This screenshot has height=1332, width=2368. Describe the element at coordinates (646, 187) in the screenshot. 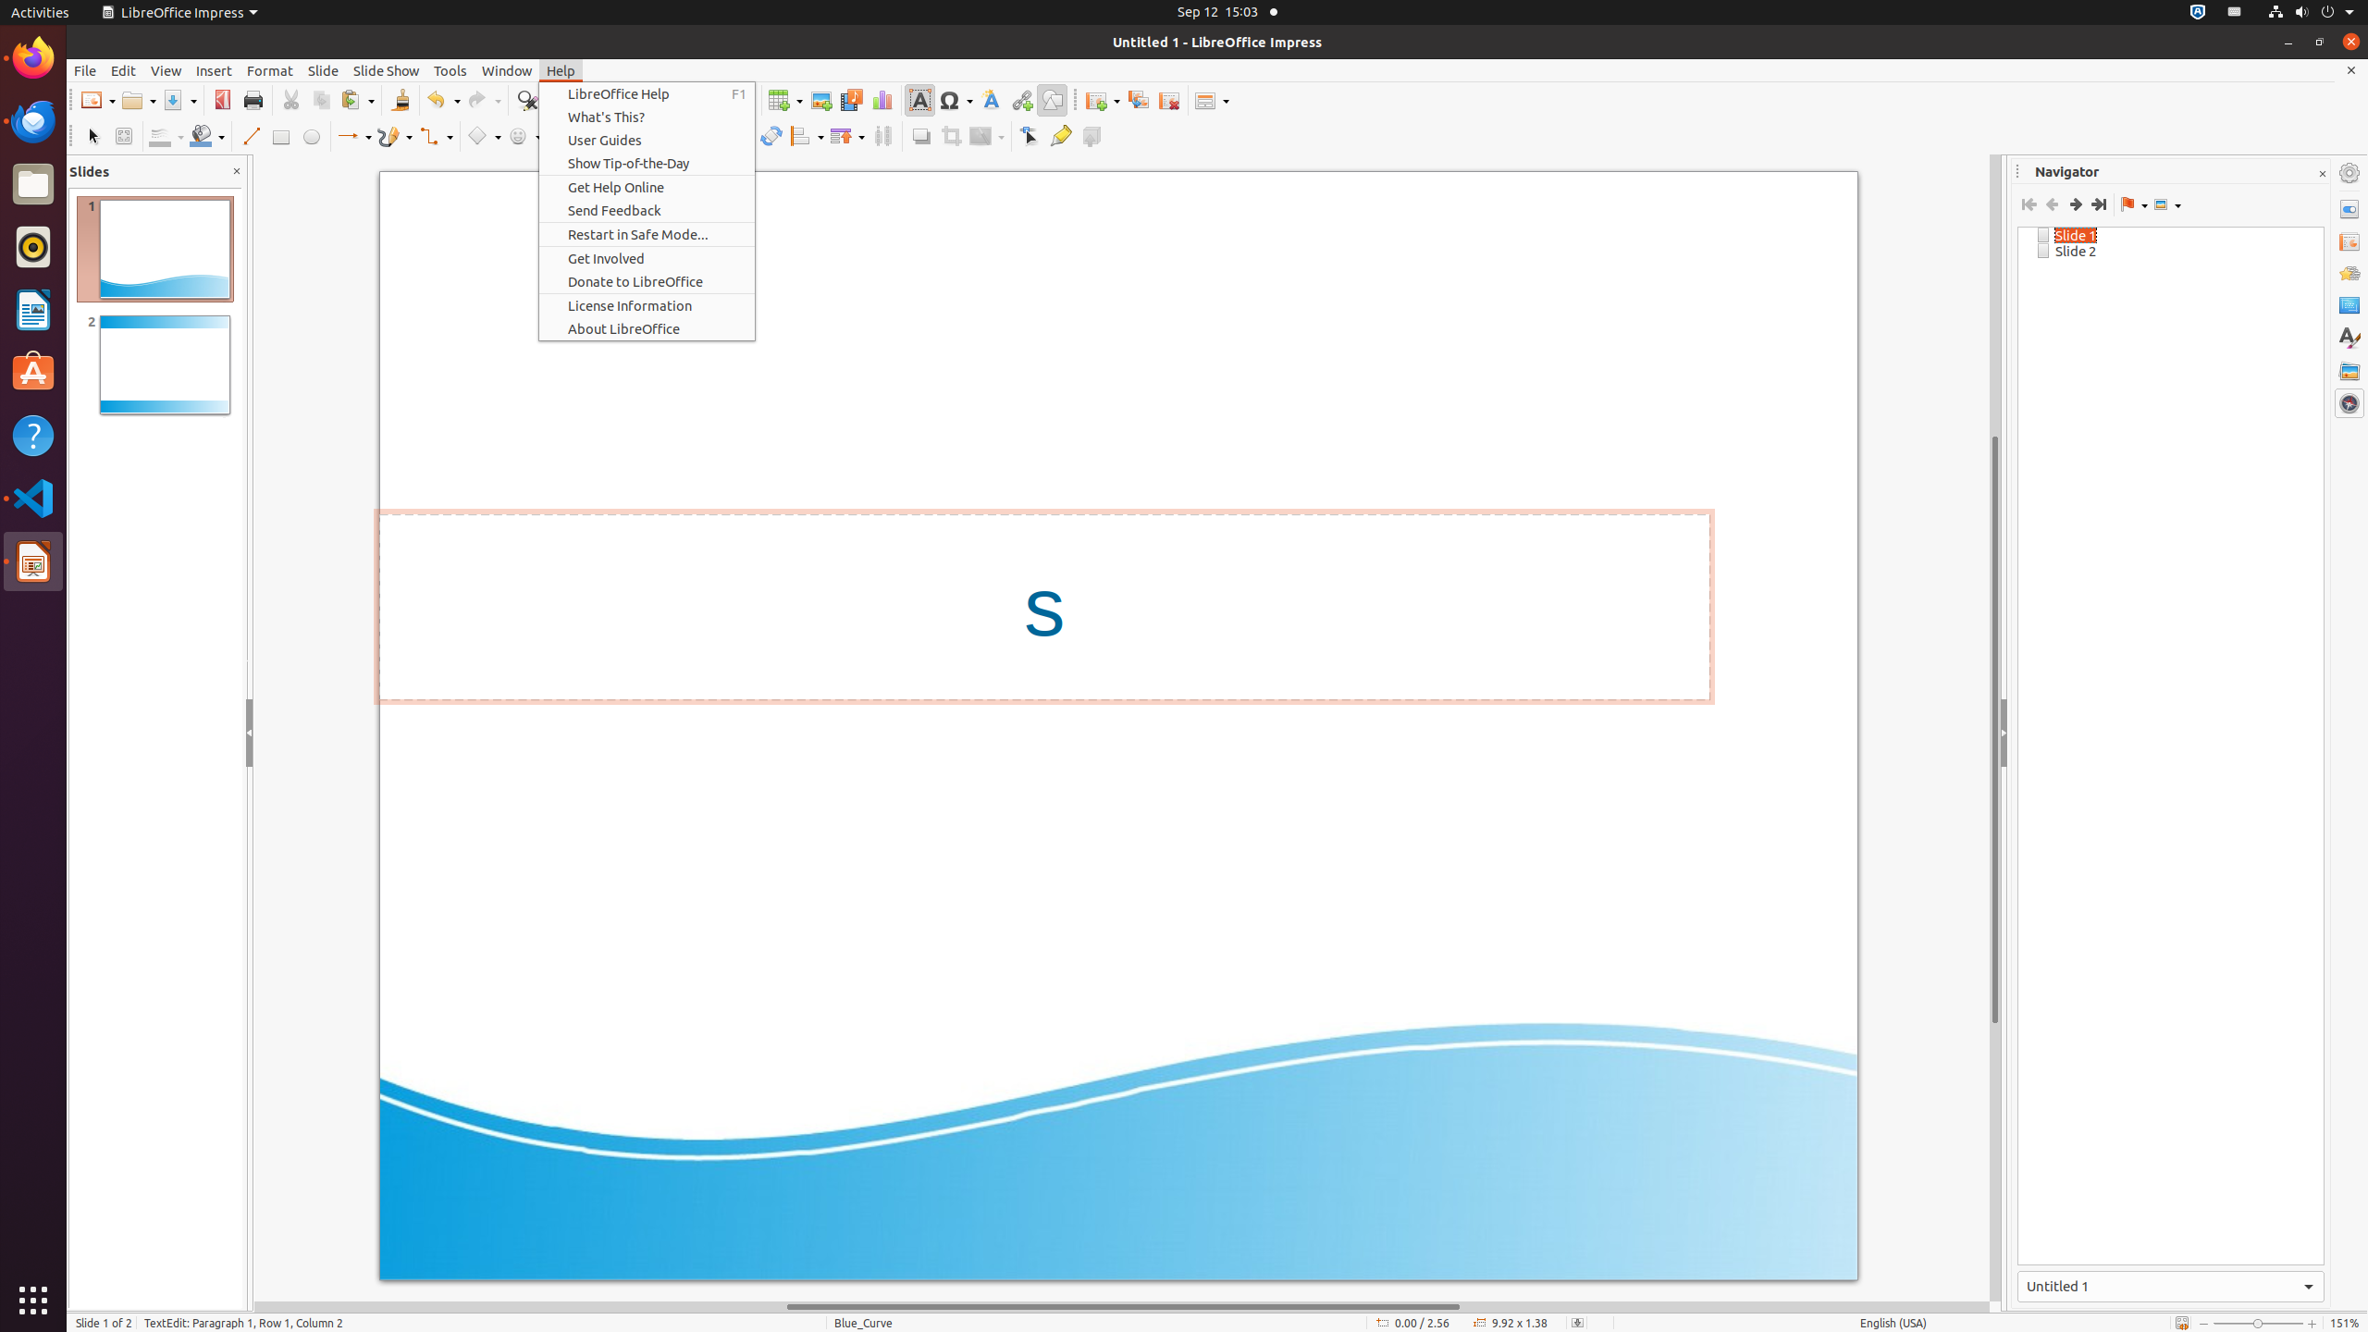

I see `'Get Help Online'` at that location.